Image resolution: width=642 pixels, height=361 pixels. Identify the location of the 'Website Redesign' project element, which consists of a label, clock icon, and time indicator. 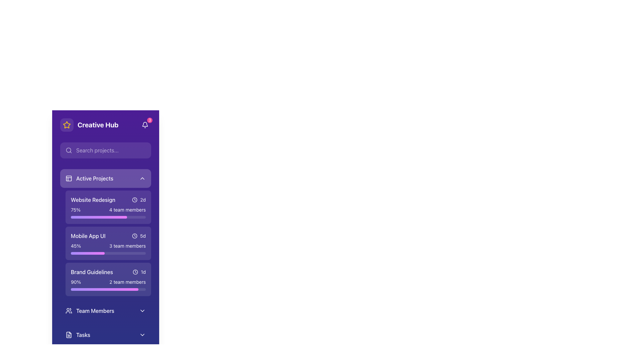
(108, 199).